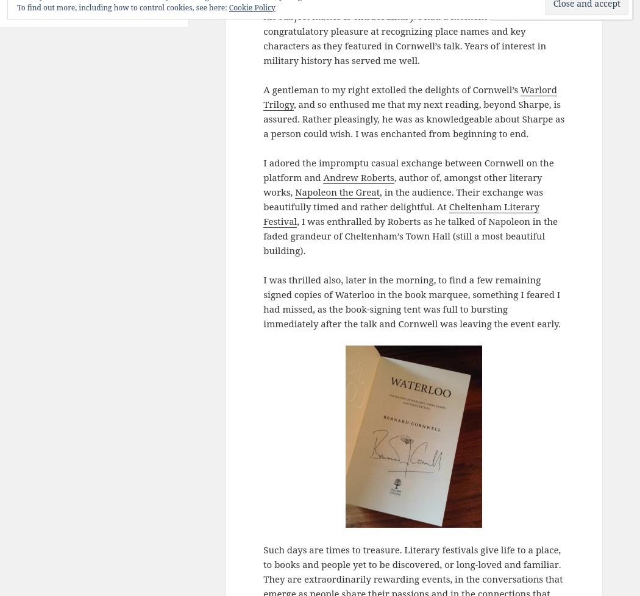 The height and width of the screenshot is (596, 640). I want to click on 'Comment', so click(529, 10).